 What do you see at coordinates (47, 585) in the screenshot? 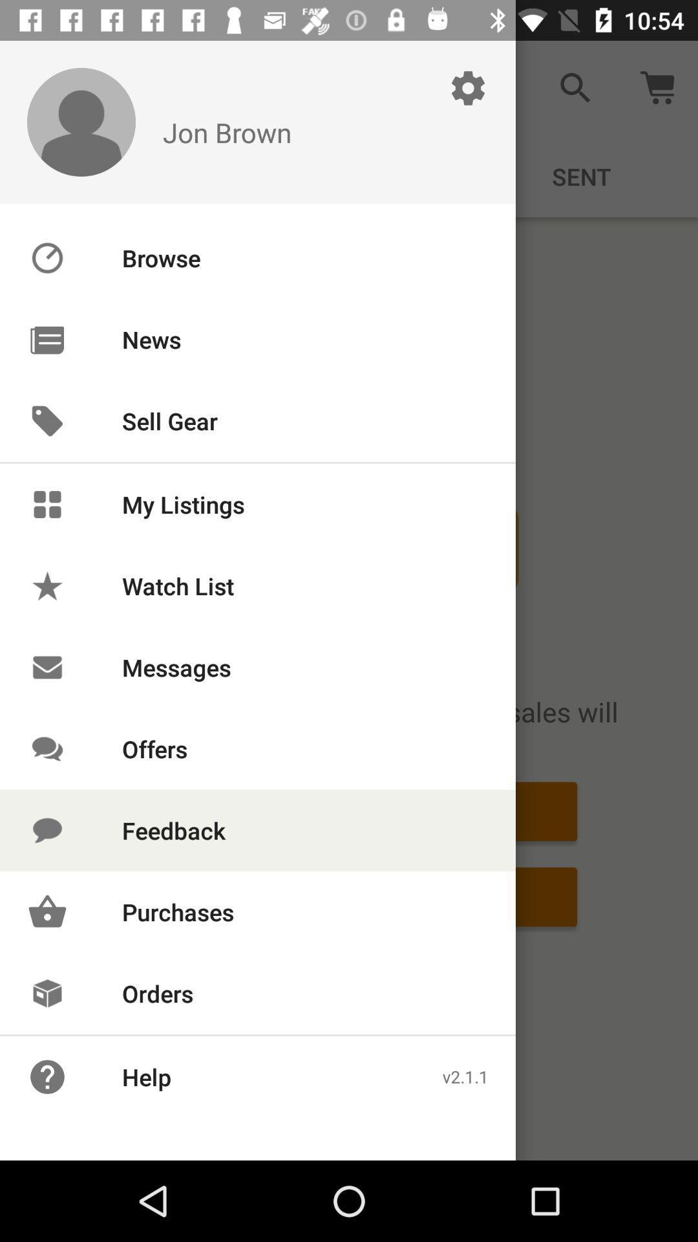
I see `the star icon` at bounding box center [47, 585].